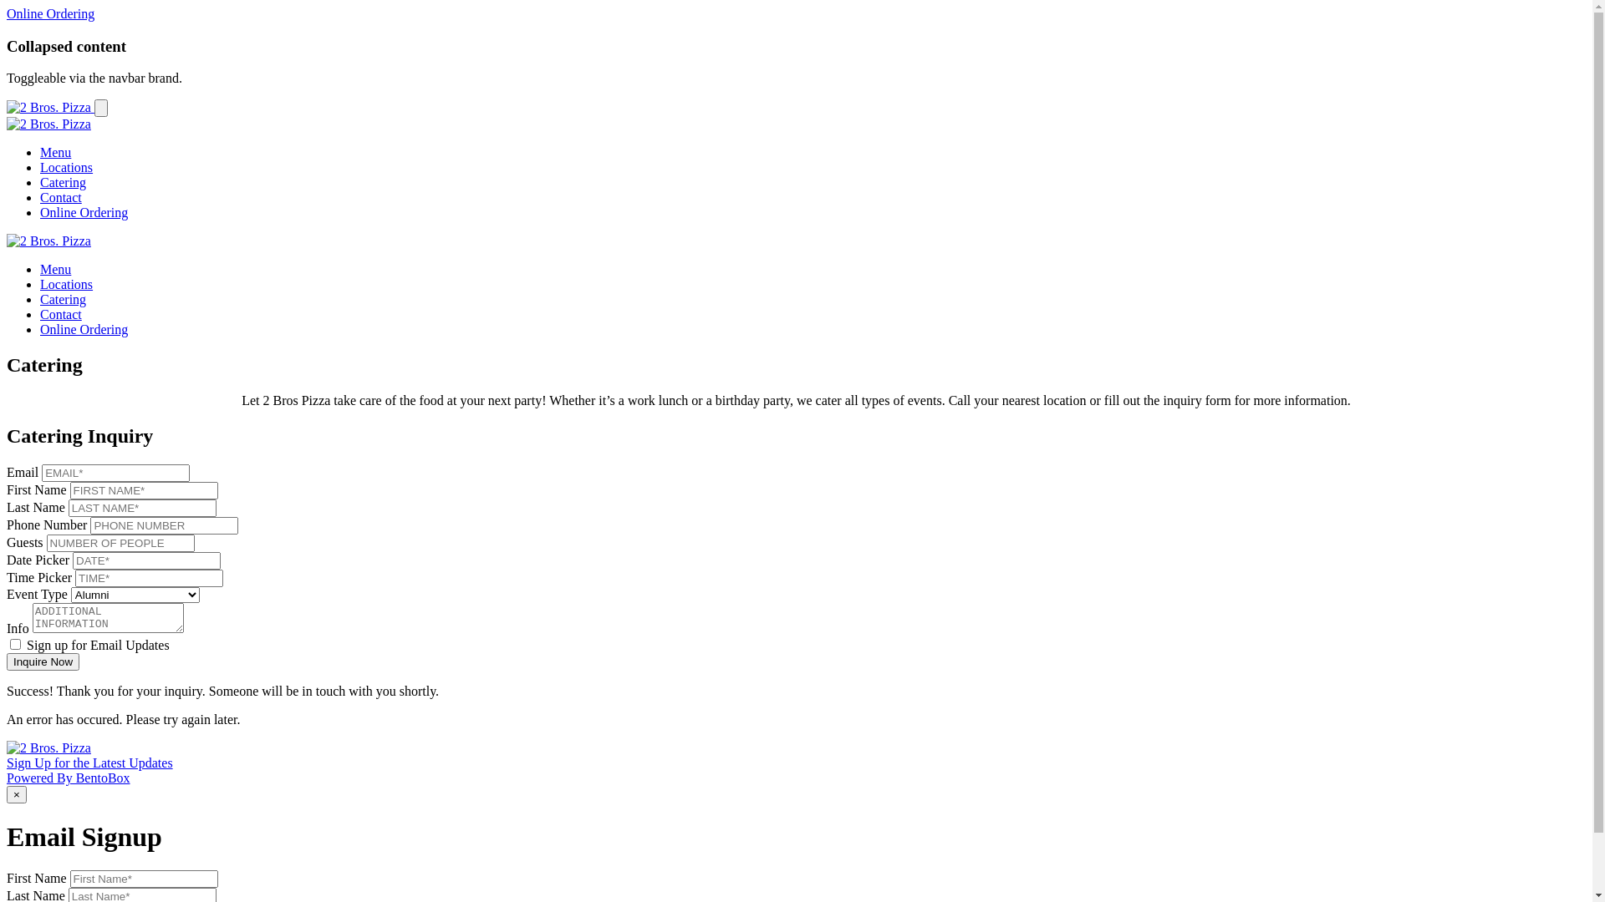 The height and width of the screenshot is (902, 1605). Describe the element at coordinates (67, 778) in the screenshot. I see `'Powered By BentoBox'` at that location.